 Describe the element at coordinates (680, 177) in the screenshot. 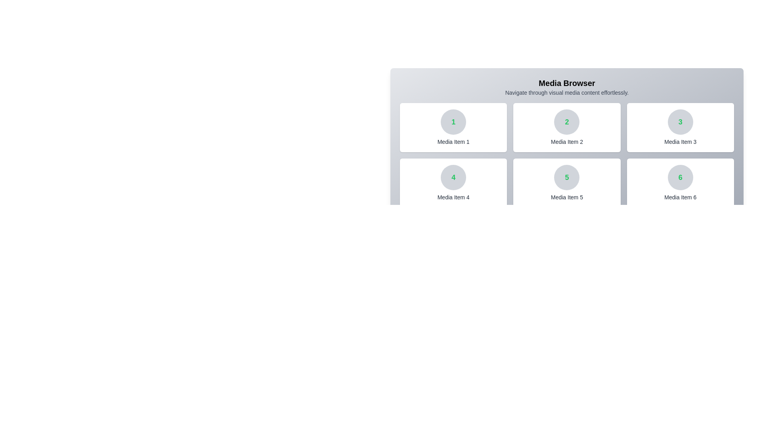

I see `the button representing the sixth media item in the grid` at that location.